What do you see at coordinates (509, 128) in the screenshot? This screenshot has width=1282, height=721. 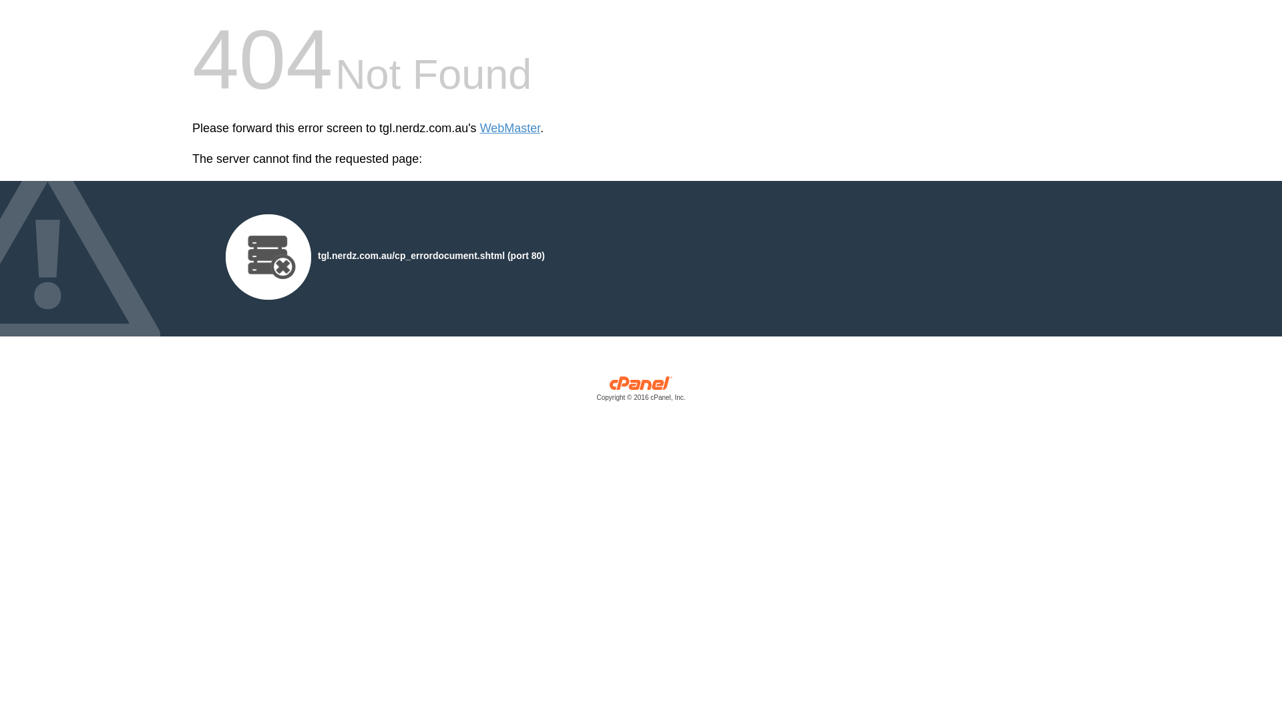 I see `'WebMaster'` at bounding box center [509, 128].